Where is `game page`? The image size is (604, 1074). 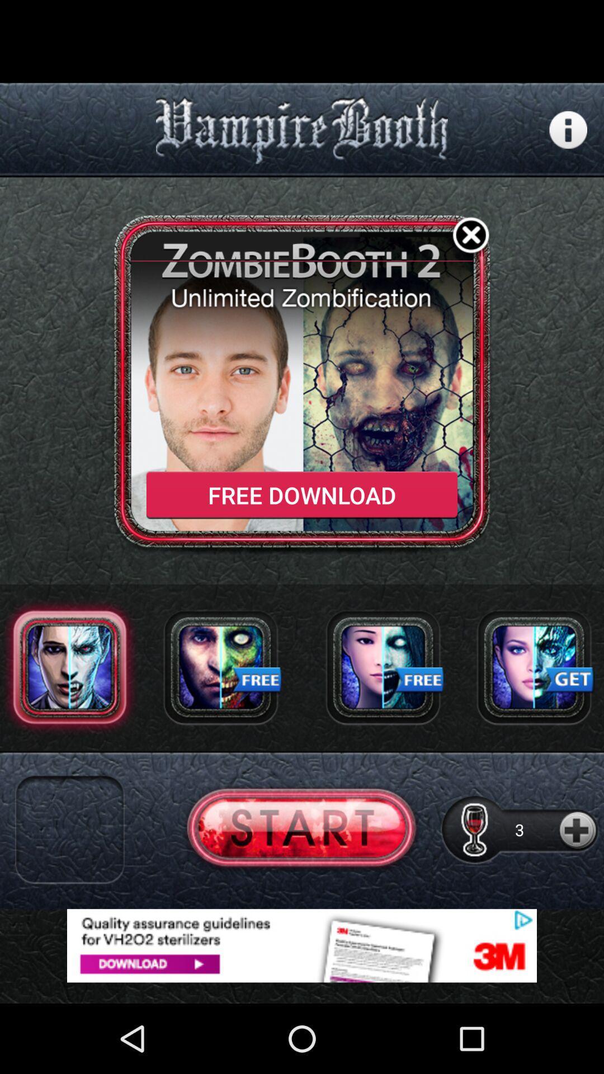
game page is located at coordinates (301, 830).